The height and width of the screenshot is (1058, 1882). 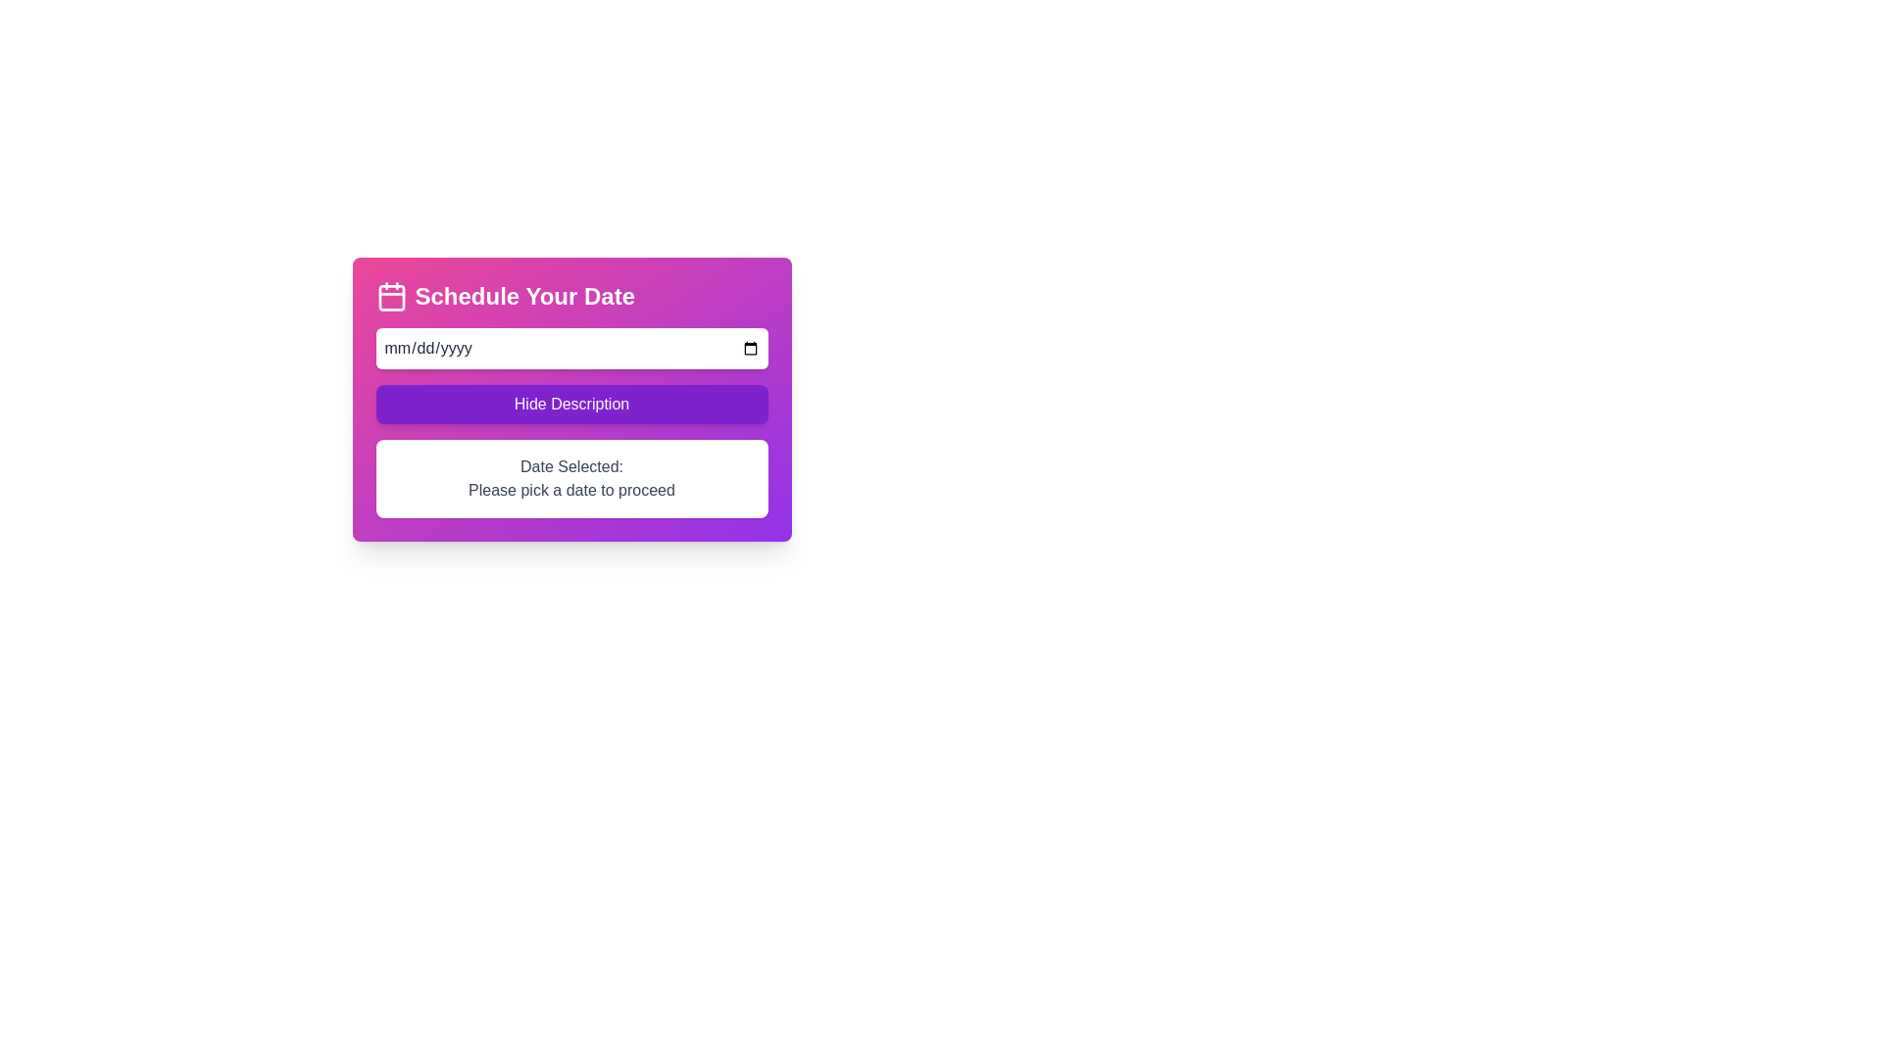 I want to click on the button with a purple background and white text that reads 'Hide Description', so click(x=570, y=403).